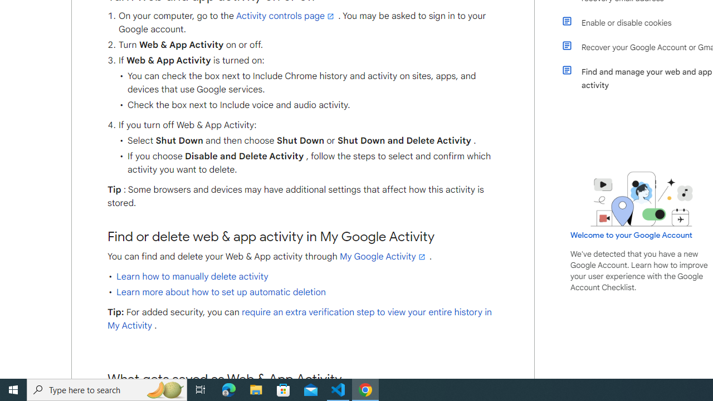  I want to click on 'Learn more about how to set up automatic deletion', so click(221, 291).